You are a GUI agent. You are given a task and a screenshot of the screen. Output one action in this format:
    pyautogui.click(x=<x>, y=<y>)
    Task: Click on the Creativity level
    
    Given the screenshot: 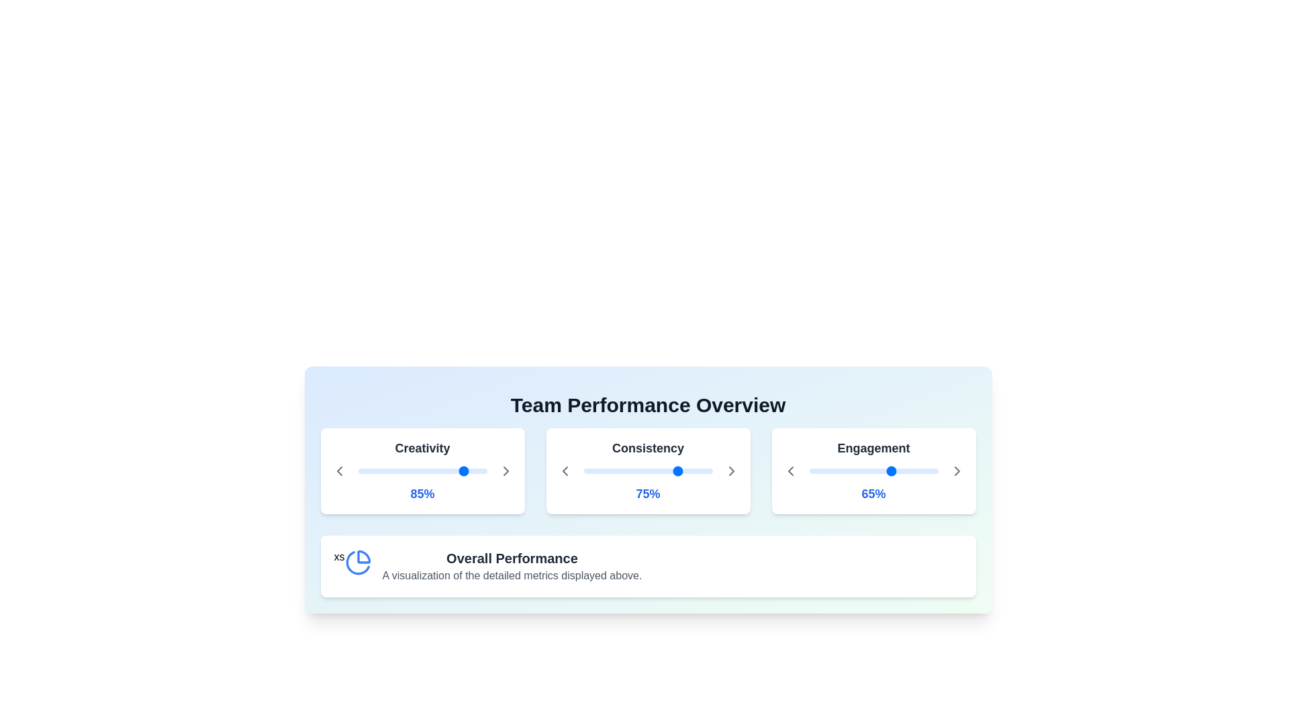 What is the action you would take?
    pyautogui.click(x=363, y=471)
    